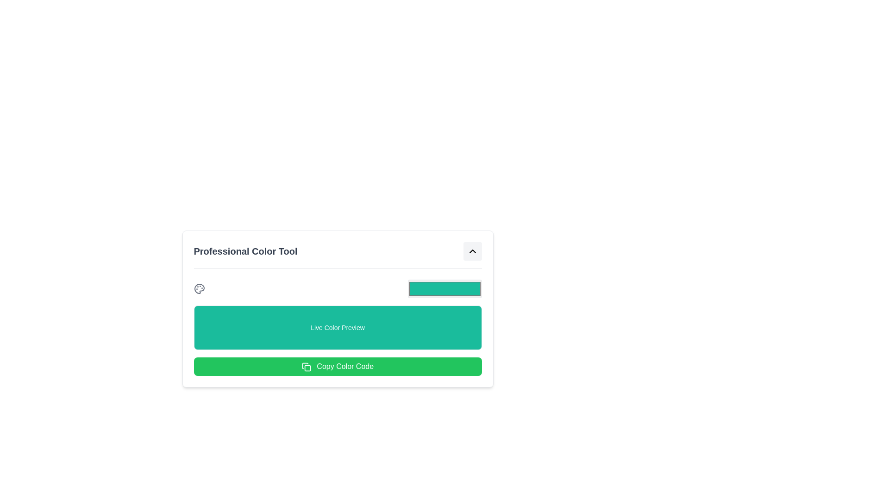 This screenshot has width=889, height=500. Describe the element at coordinates (337, 327) in the screenshot. I see `text from the 'Live Color Preview' label which is displayed in white bold font within the green rectangular section of the professional color tool interface` at that location.